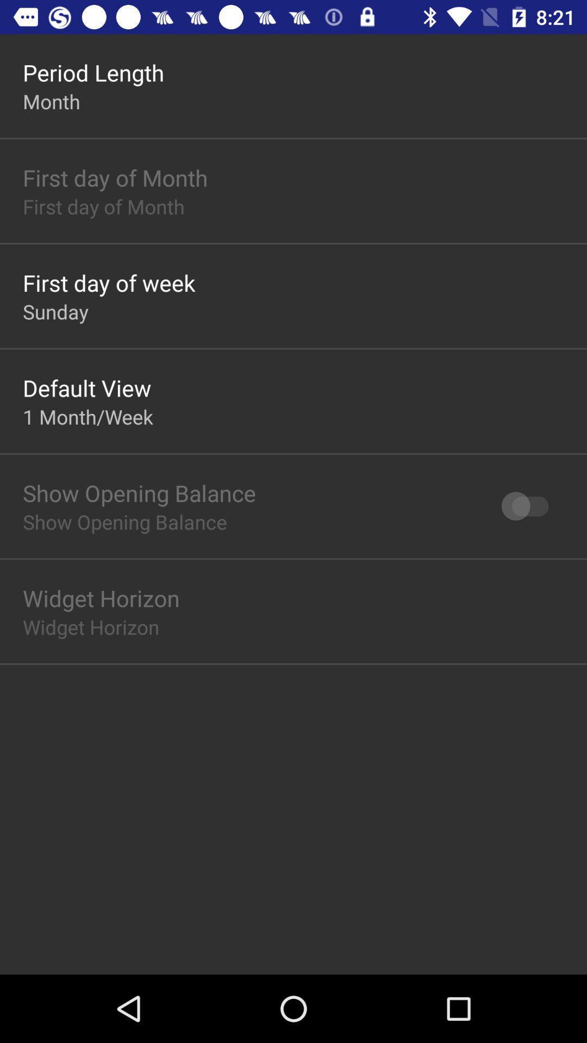 Image resolution: width=587 pixels, height=1043 pixels. What do you see at coordinates (93, 72) in the screenshot?
I see `item above the month app` at bounding box center [93, 72].